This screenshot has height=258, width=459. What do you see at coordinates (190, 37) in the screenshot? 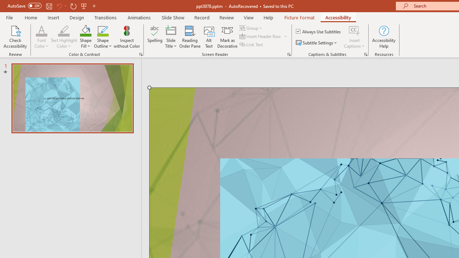
I see `'Reading Order Pane'` at bounding box center [190, 37].